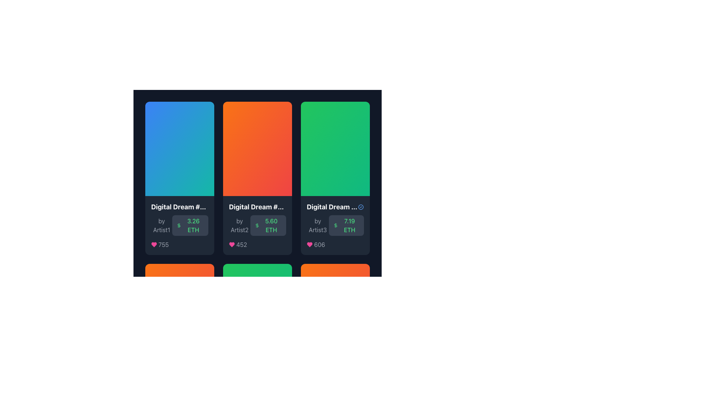 The height and width of the screenshot is (398, 708). Describe the element at coordinates (332, 207) in the screenshot. I see `the Text Label displaying 'Digital Dream #3222' which is located in the third column of the grid layout, adjacent to an icon element` at that location.